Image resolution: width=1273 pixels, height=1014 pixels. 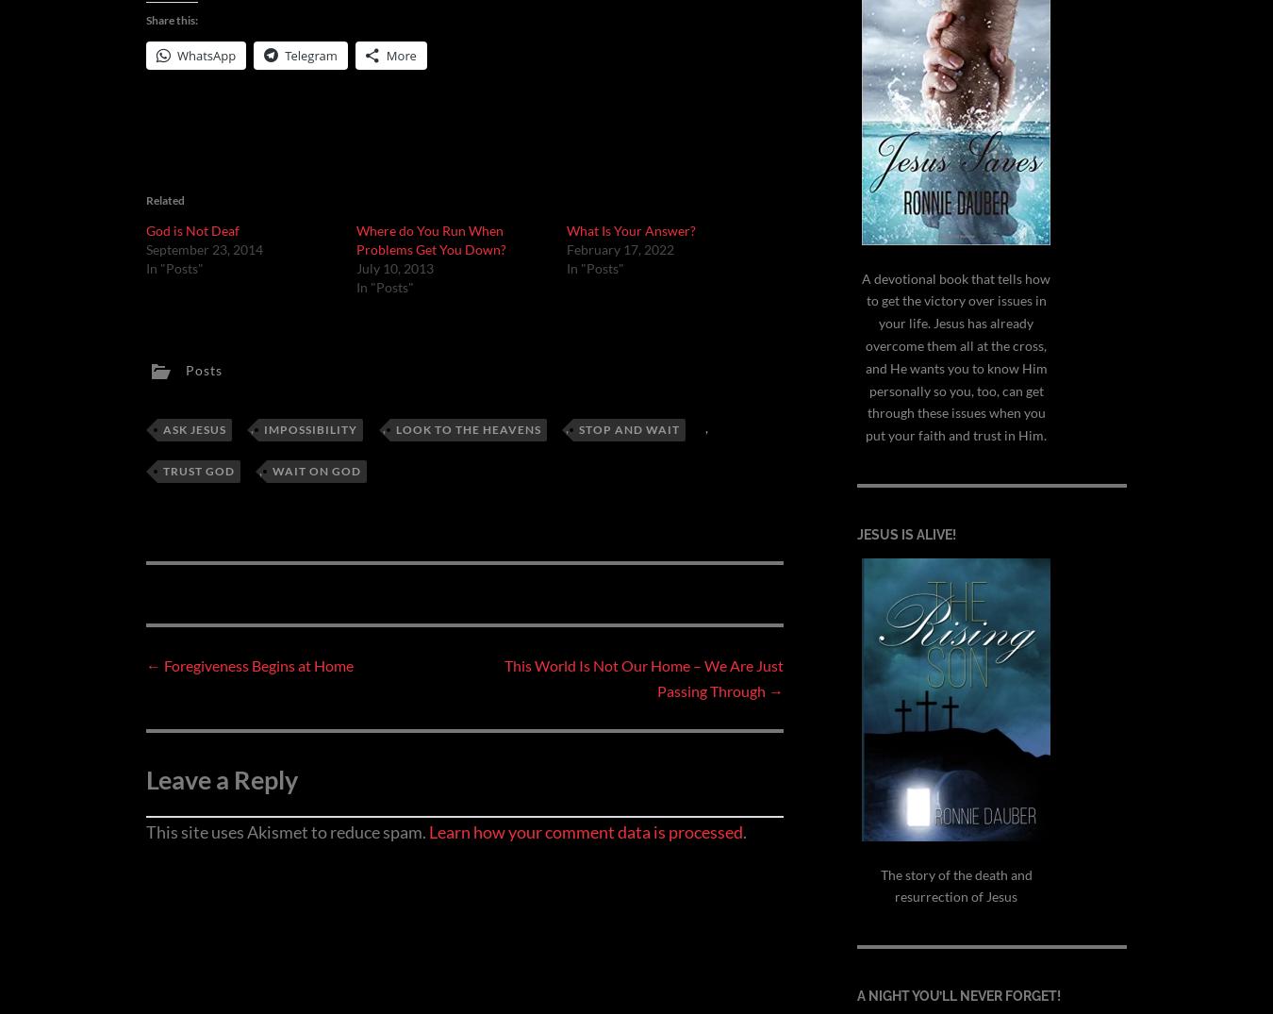 What do you see at coordinates (629, 428) in the screenshot?
I see `'Stop and wait'` at bounding box center [629, 428].